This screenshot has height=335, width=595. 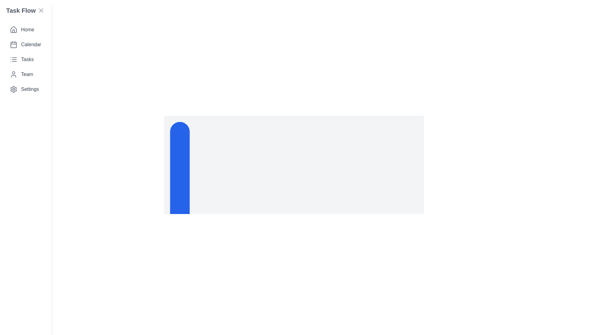 I want to click on the menu item corresponding to Team to navigate to that section, so click(x=25, y=74).